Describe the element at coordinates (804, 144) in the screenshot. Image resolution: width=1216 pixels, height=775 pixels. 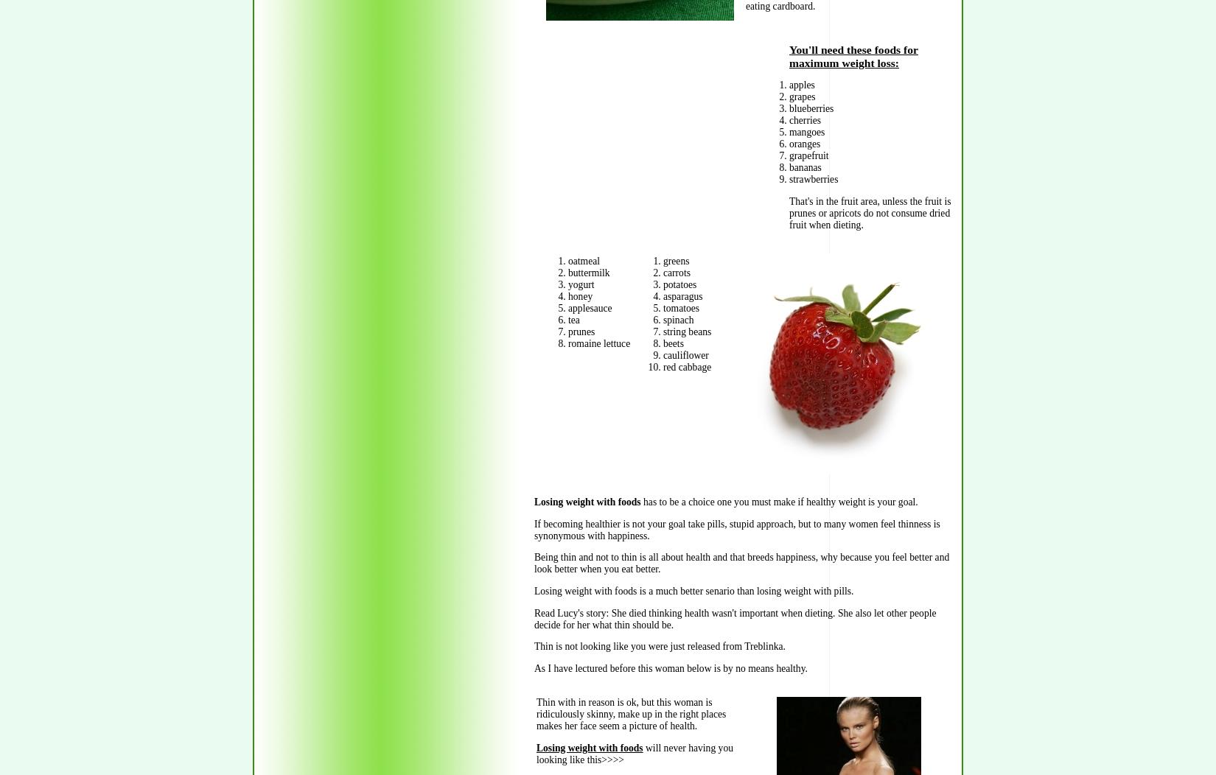
I see `'oranges'` at that location.